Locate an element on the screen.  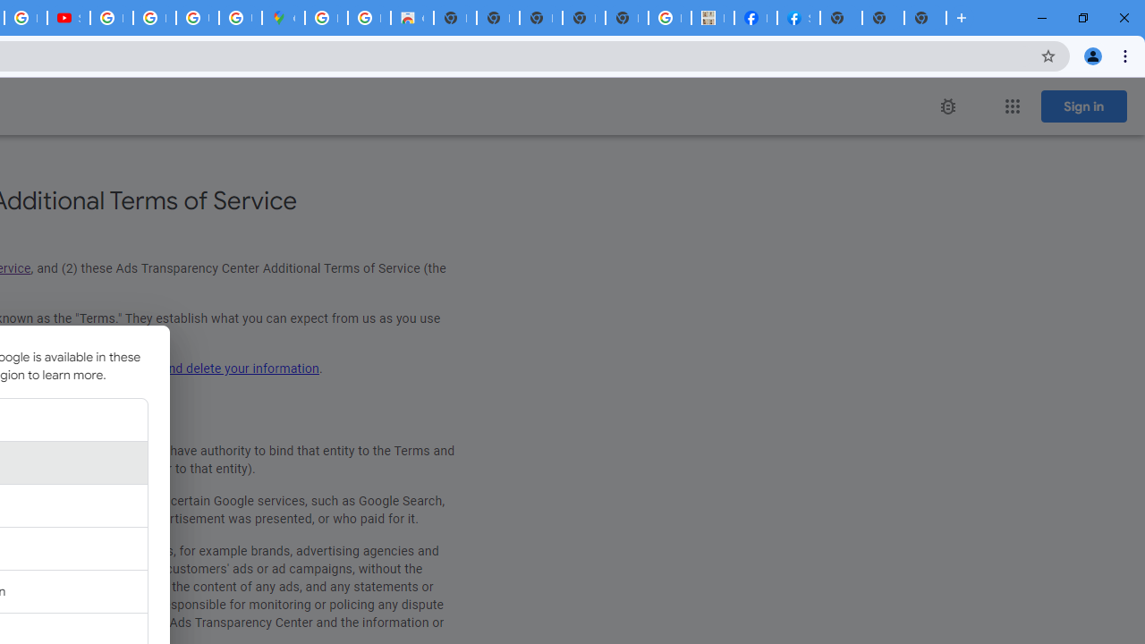
'Google Maps' is located at coordinates (282, 18).